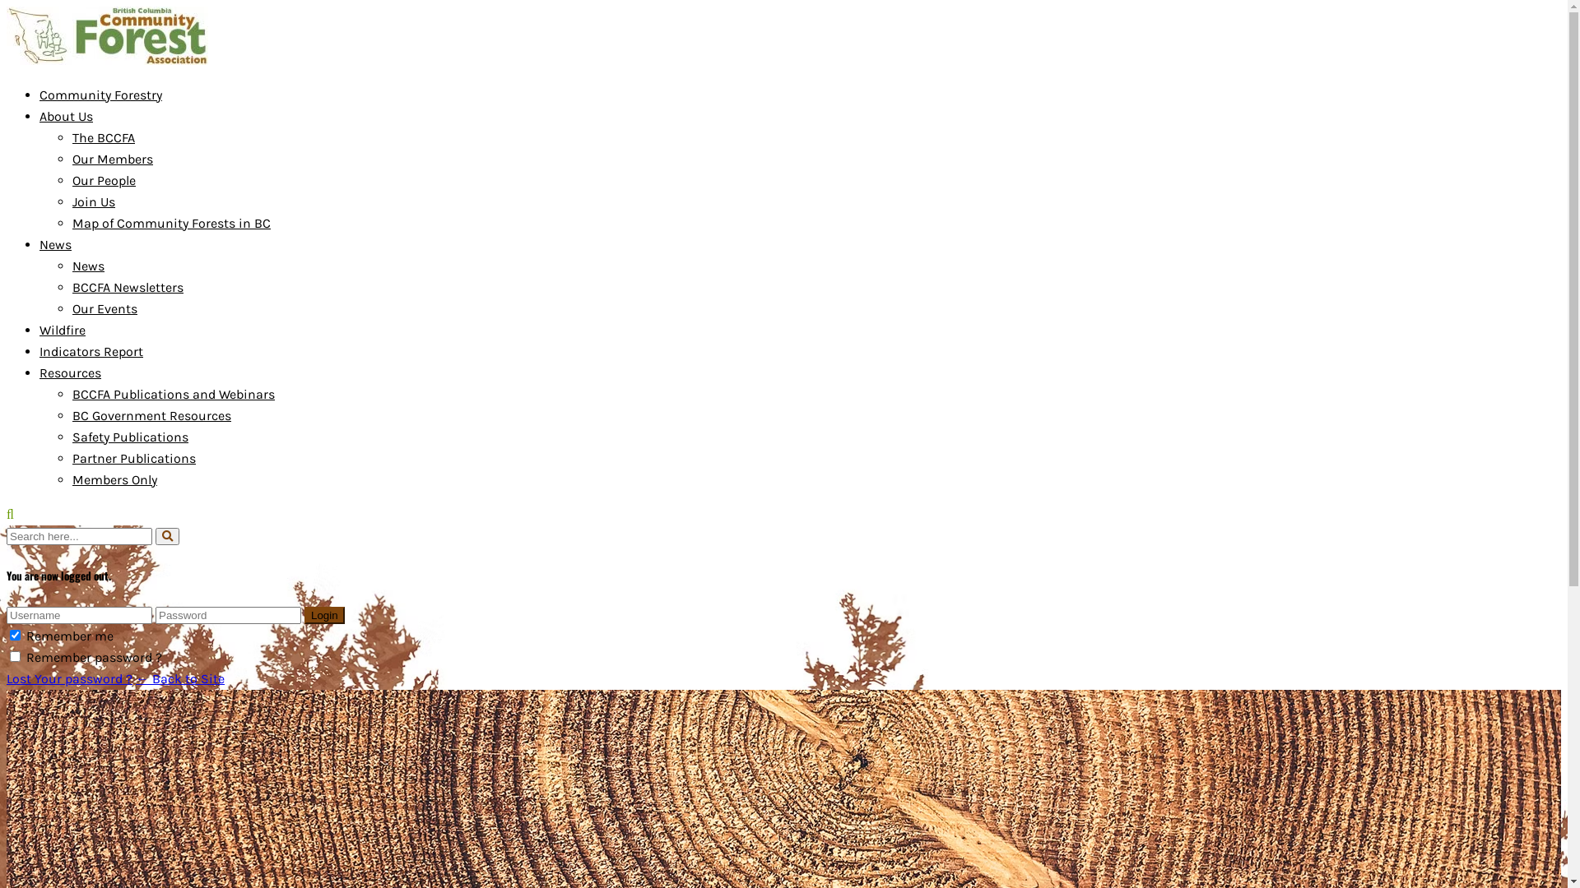 The width and height of the screenshot is (1580, 888). What do you see at coordinates (324, 615) in the screenshot?
I see `'Login'` at bounding box center [324, 615].